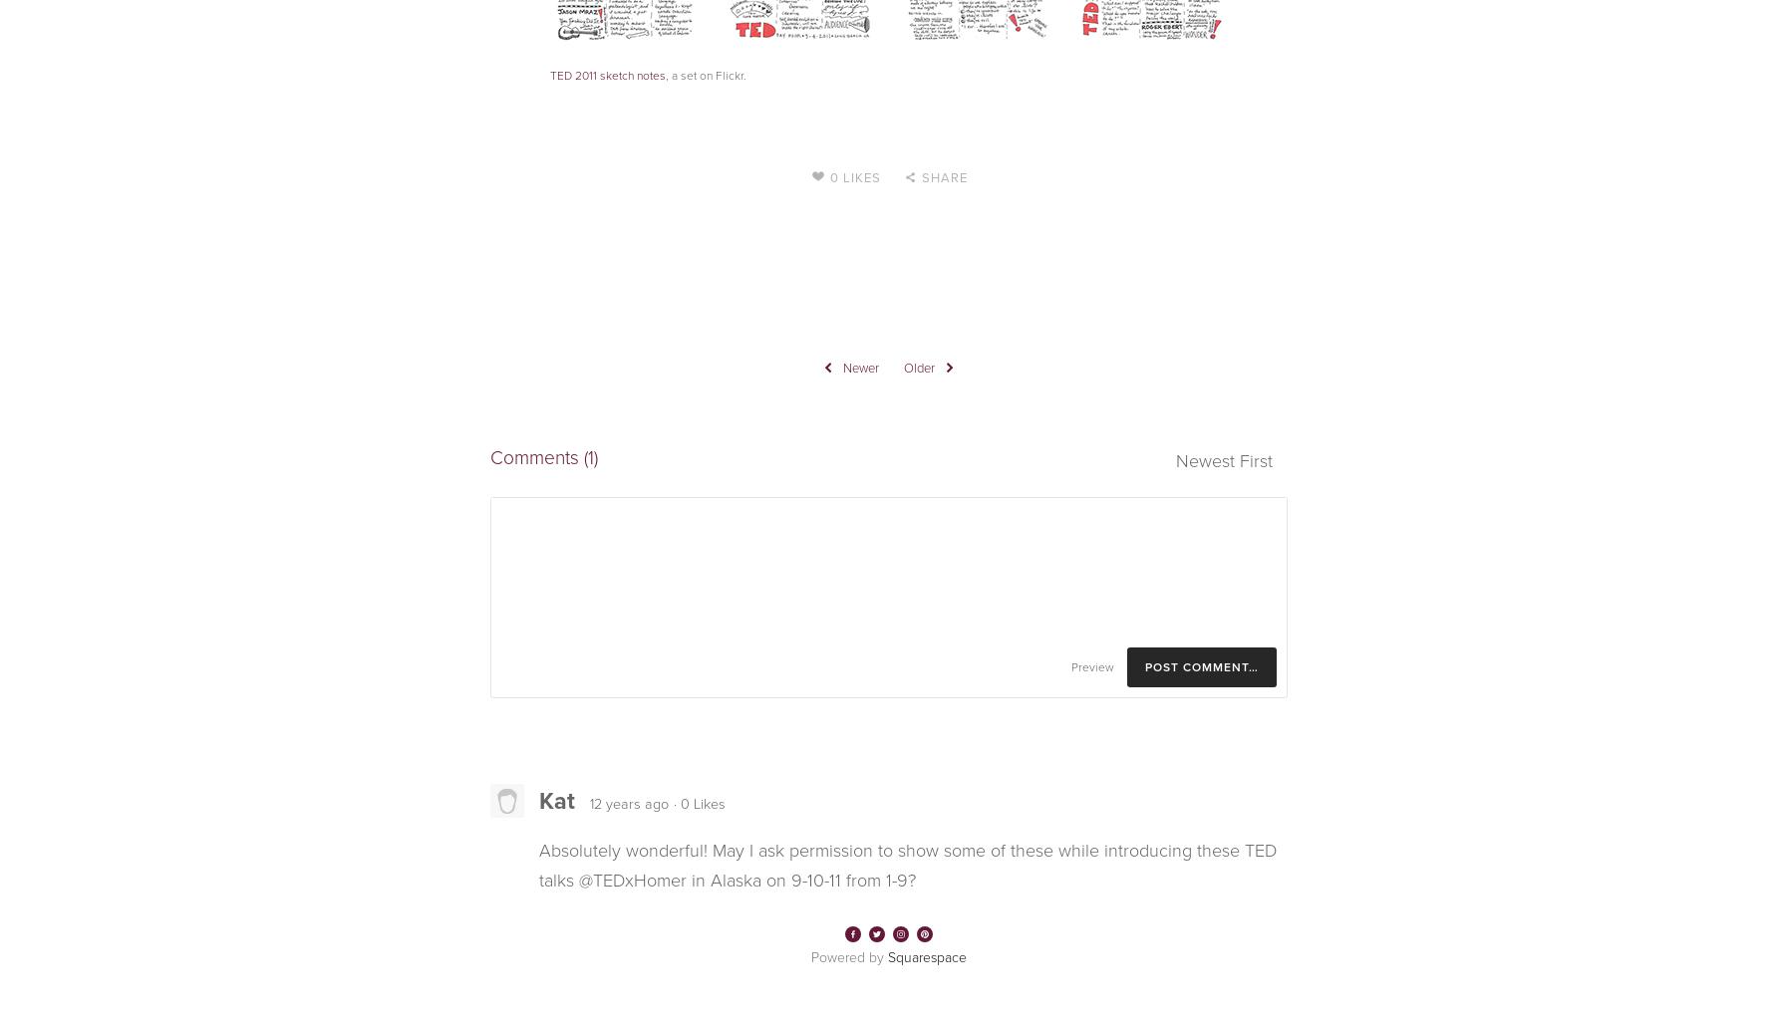 The height and width of the screenshot is (1018, 1778). What do you see at coordinates (927, 956) in the screenshot?
I see `'Squarespace'` at bounding box center [927, 956].